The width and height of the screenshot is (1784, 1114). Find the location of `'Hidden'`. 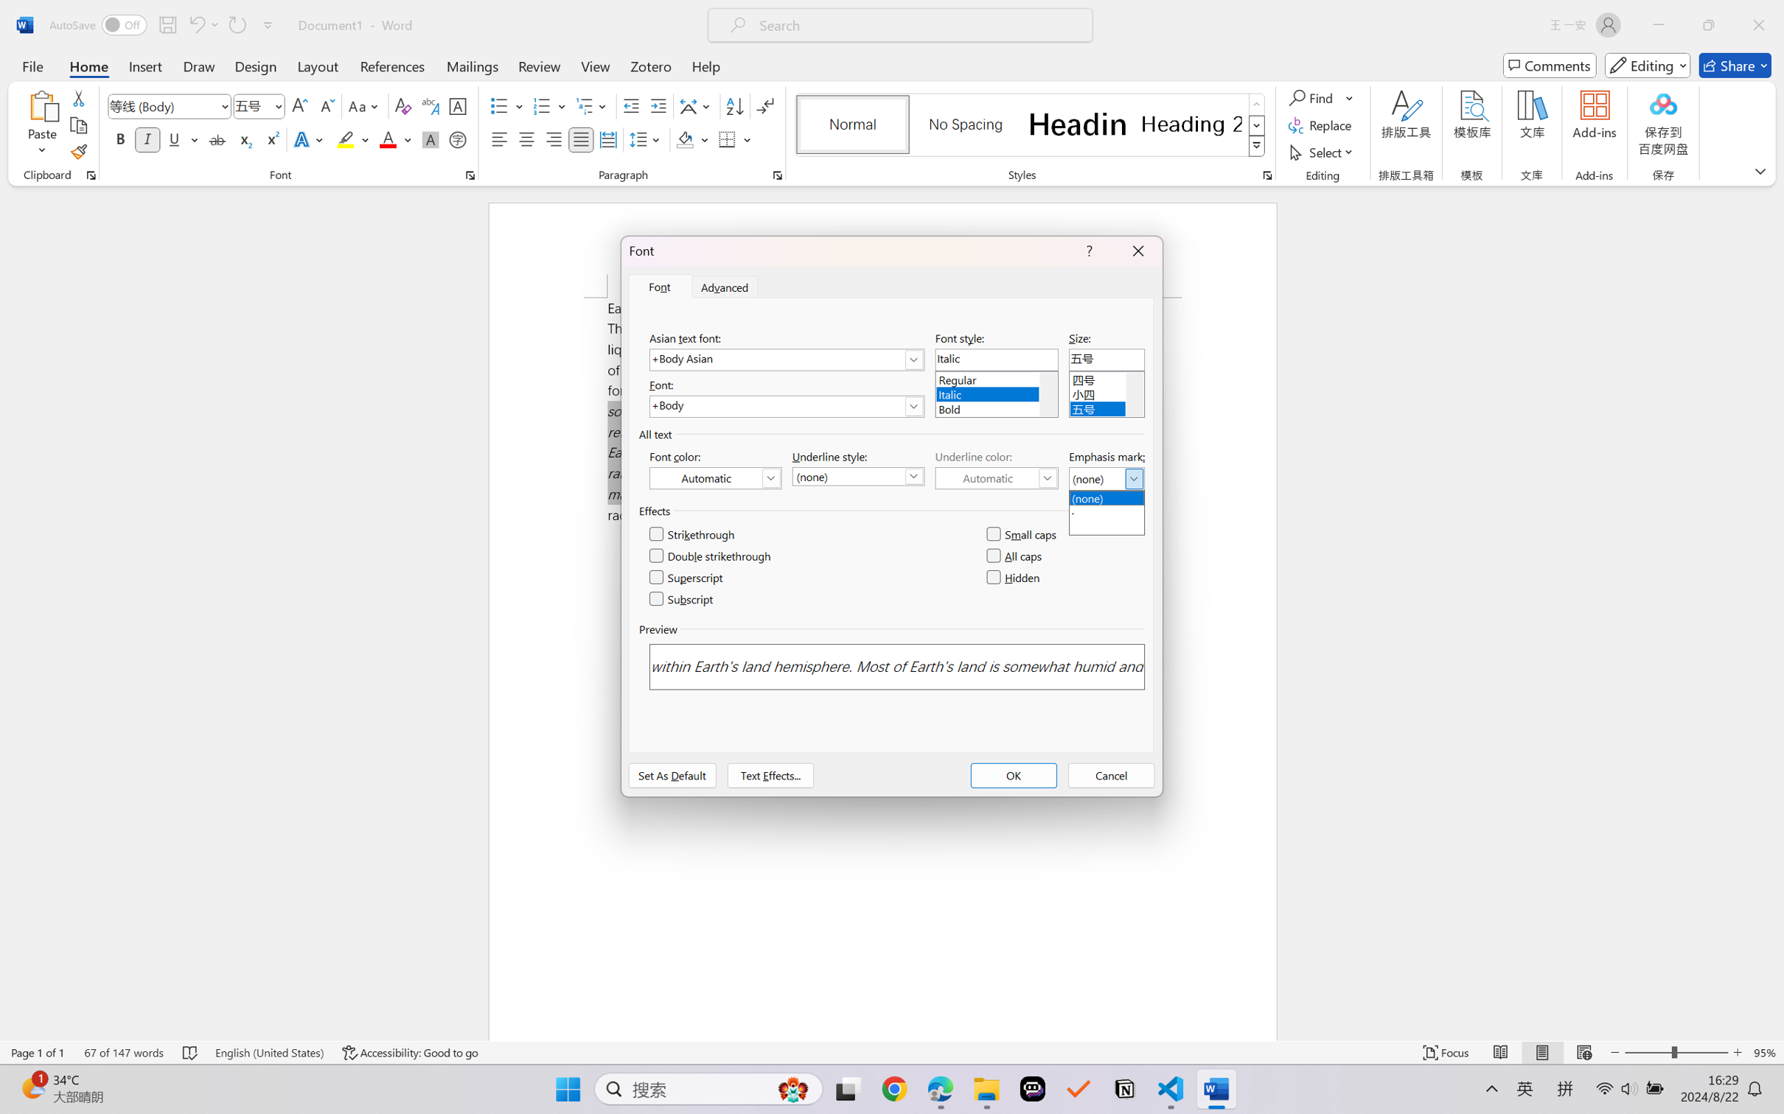

'Hidden' is located at coordinates (1013, 577).